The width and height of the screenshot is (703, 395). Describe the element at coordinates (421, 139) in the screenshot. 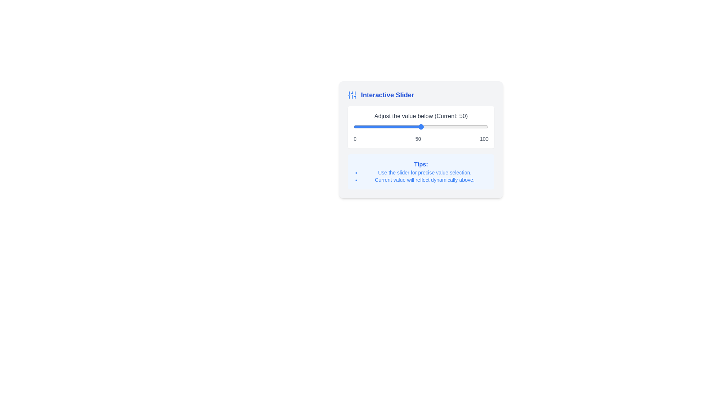

I see `along the slider track of the horizontal slider input labeled 'Adjust the value below (Current: 50)' to jump the handle position` at that location.